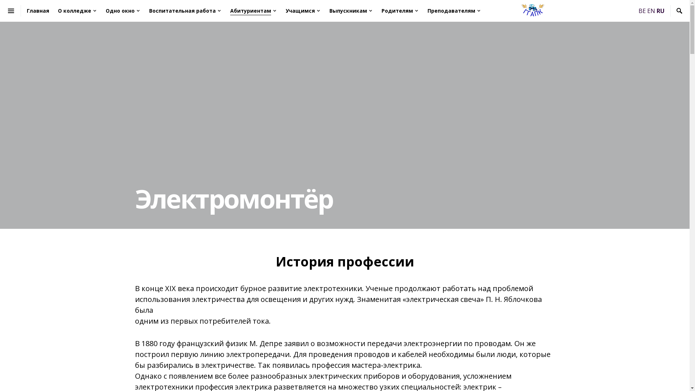  I want to click on 'RU', so click(657, 10).